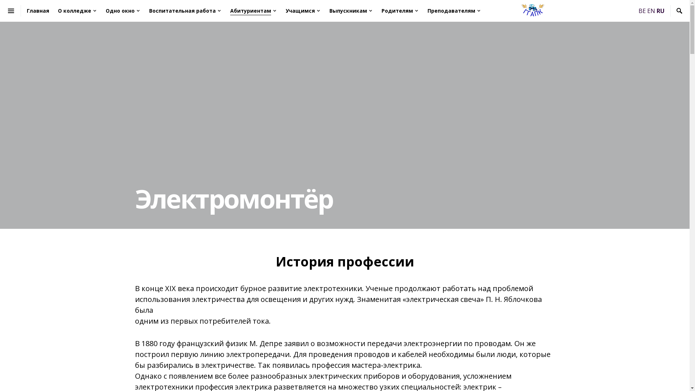  I want to click on 'RU', so click(657, 10).